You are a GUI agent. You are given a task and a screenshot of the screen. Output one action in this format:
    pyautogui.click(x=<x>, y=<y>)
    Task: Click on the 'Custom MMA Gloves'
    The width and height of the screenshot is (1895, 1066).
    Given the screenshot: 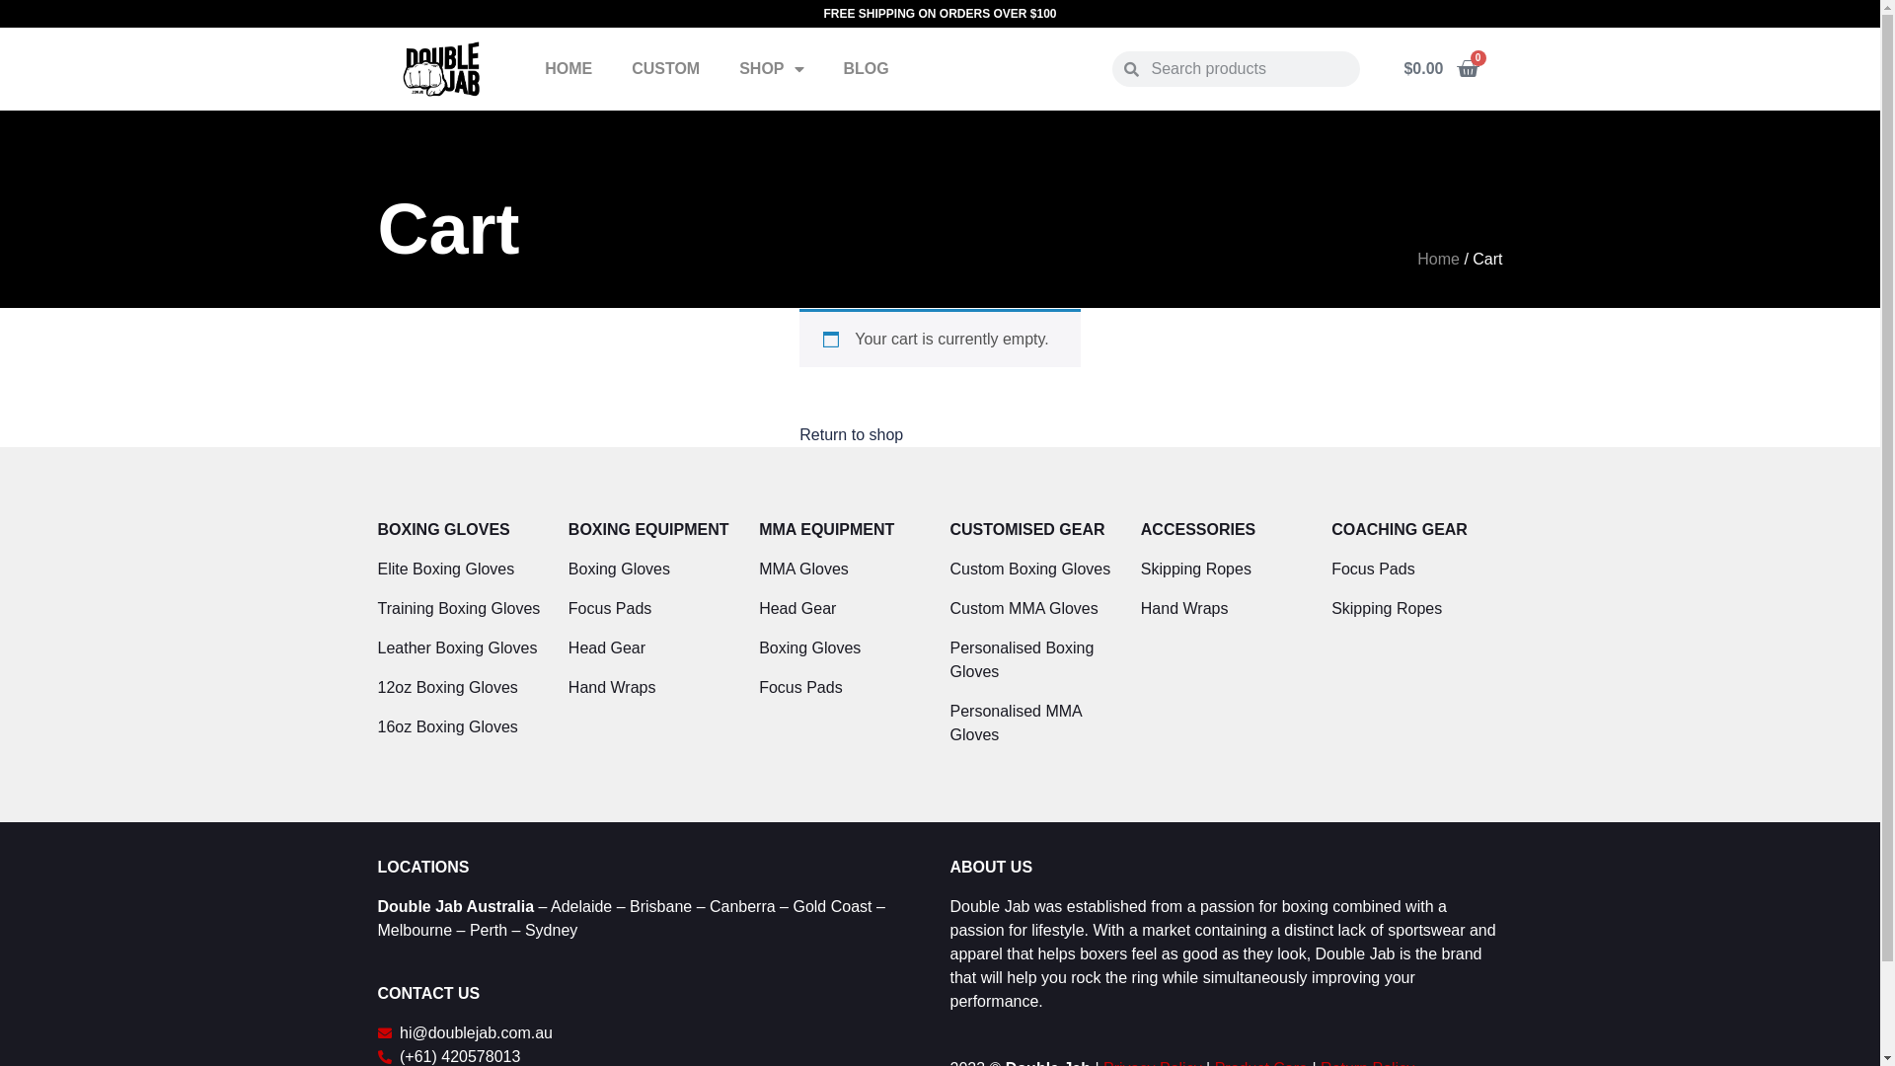 What is the action you would take?
    pyautogui.click(x=1033, y=608)
    